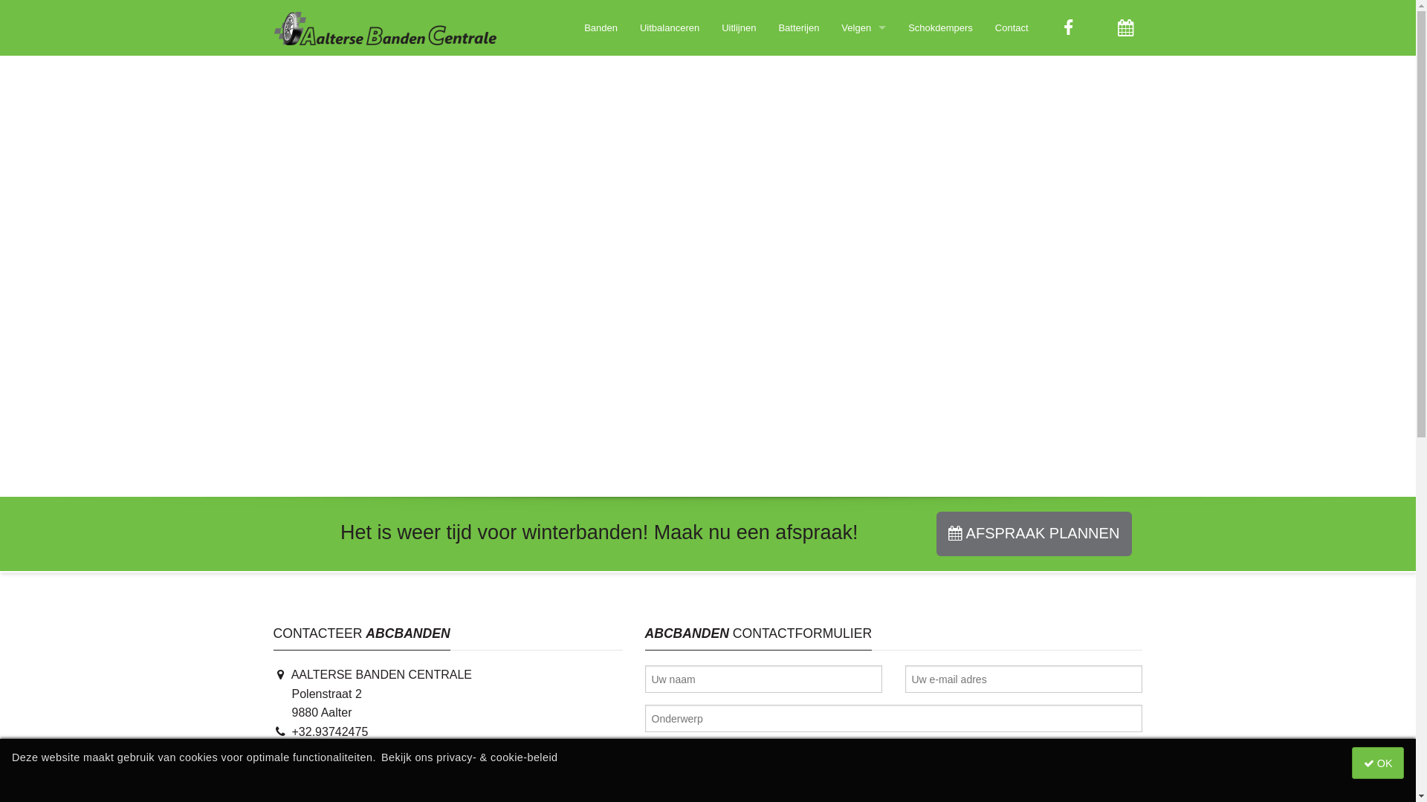 Image resolution: width=1427 pixels, height=802 pixels. I want to click on 'Contact', so click(1011, 27).